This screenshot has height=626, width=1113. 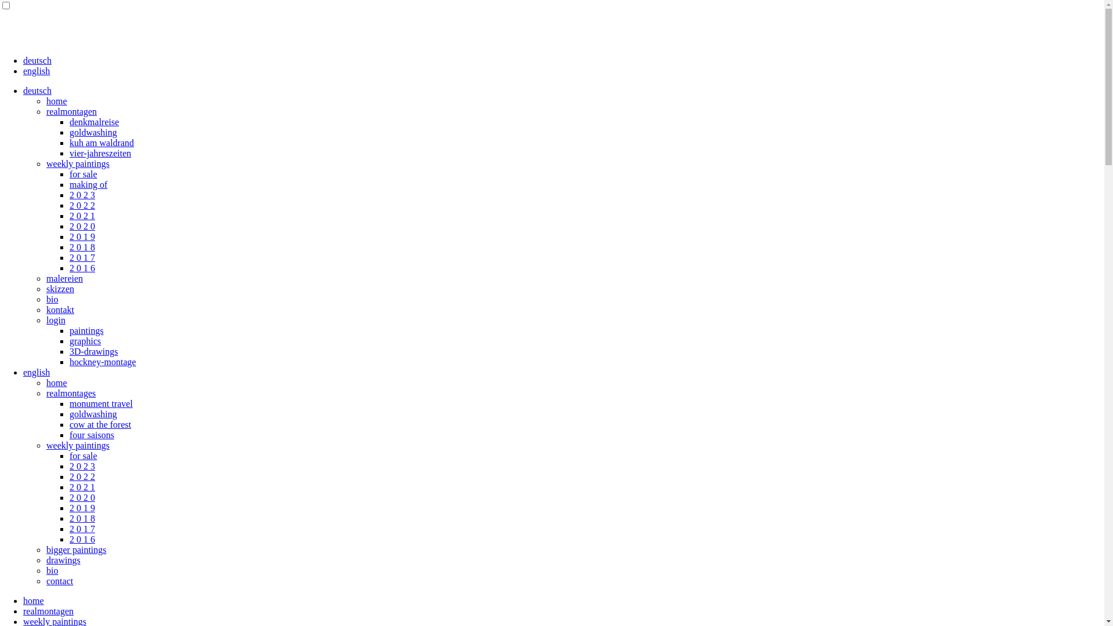 What do you see at coordinates (94, 351) in the screenshot?
I see `'3D-drawings'` at bounding box center [94, 351].